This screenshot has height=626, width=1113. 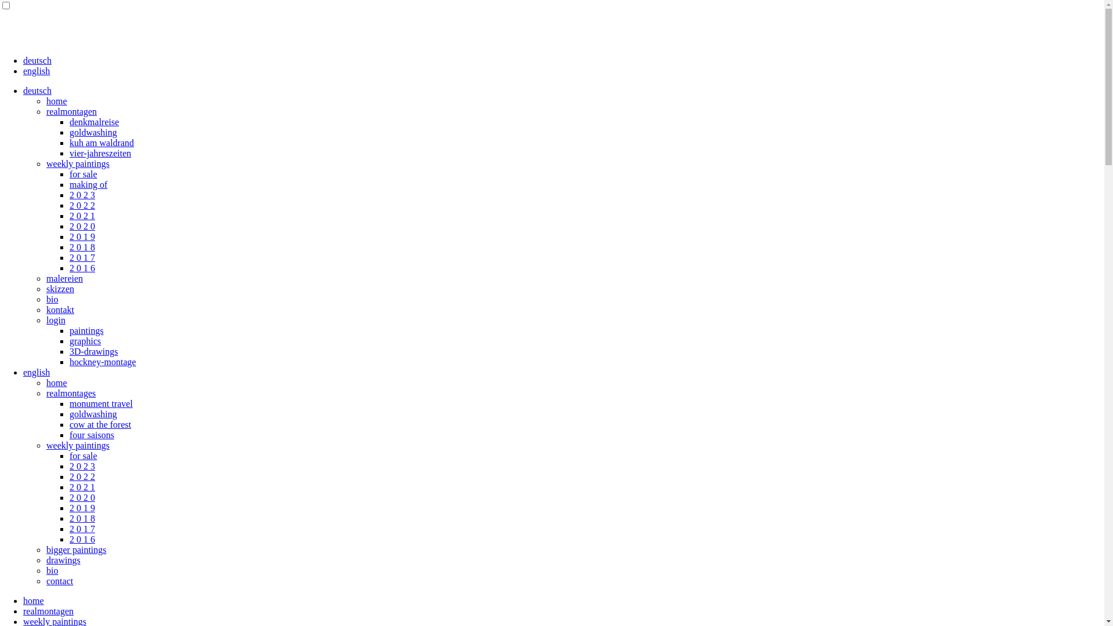 What do you see at coordinates (94, 351) in the screenshot?
I see `'3D-drawings'` at bounding box center [94, 351].